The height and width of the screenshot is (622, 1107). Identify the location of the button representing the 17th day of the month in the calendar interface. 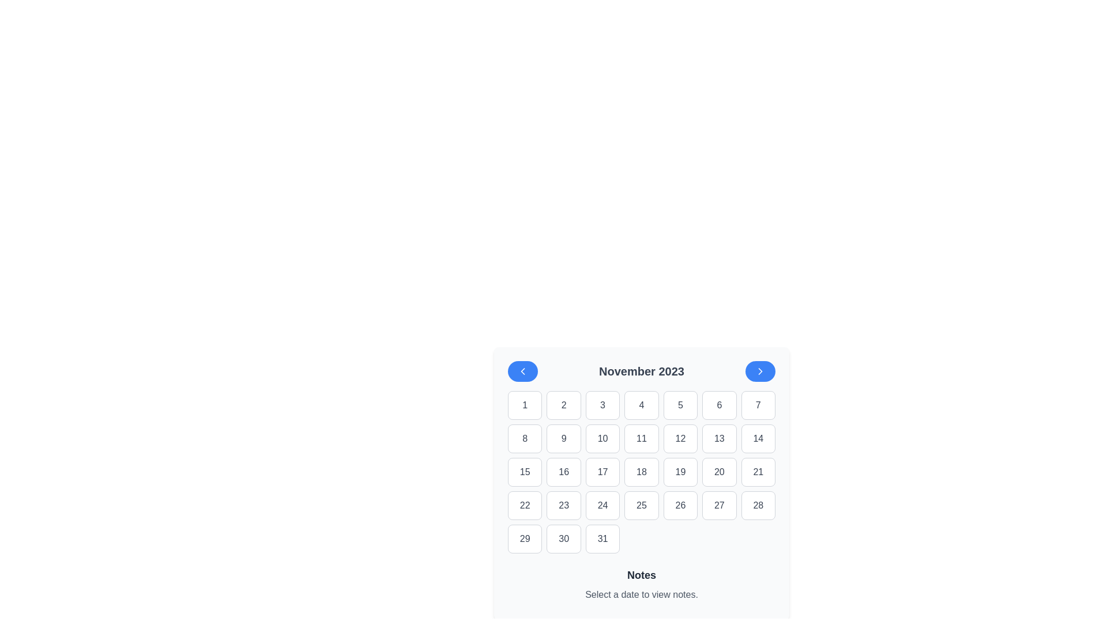
(602, 472).